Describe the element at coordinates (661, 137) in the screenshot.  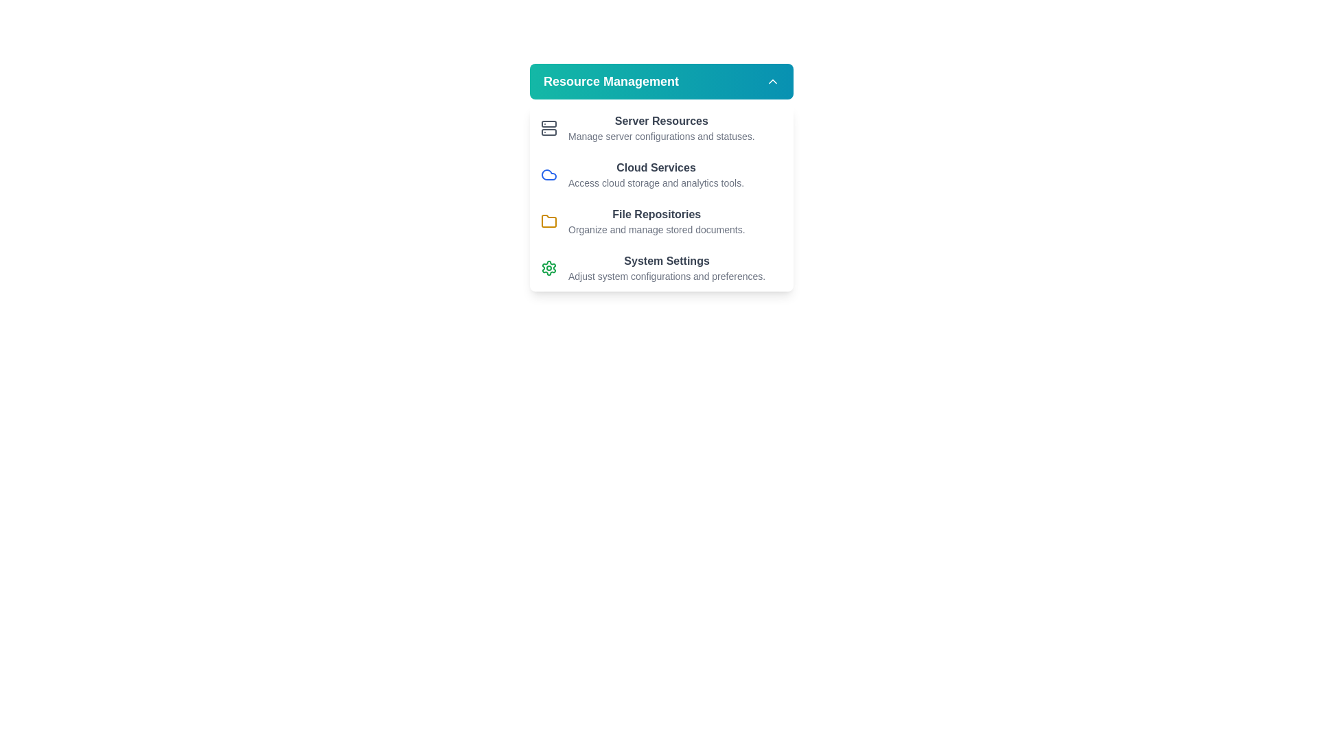
I see `the descriptive text directly beneath the 'Server Resources' heading in the 'Resource Management' menu` at that location.